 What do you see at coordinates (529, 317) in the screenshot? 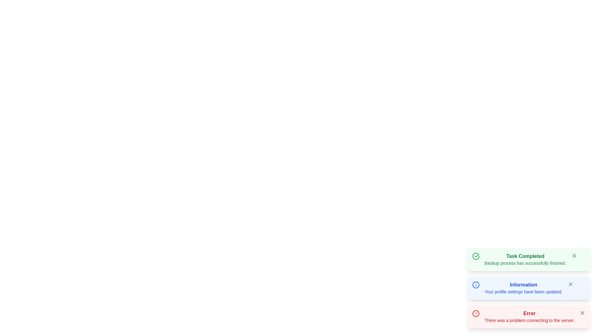
I see `the notification card displaying 'Error' in red, which contains the message 'There was a problem connecting to the server.'` at bounding box center [529, 317].